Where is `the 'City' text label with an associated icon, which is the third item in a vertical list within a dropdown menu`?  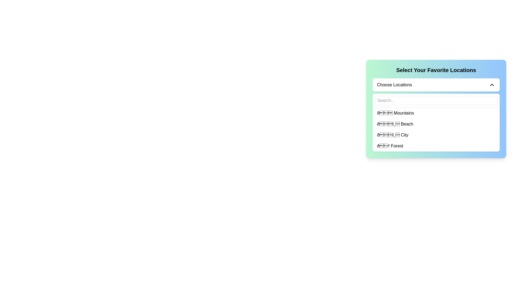 the 'City' text label with an associated icon, which is the third item in a vertical list within a dropdown menu is located at coordinates (392, 135).